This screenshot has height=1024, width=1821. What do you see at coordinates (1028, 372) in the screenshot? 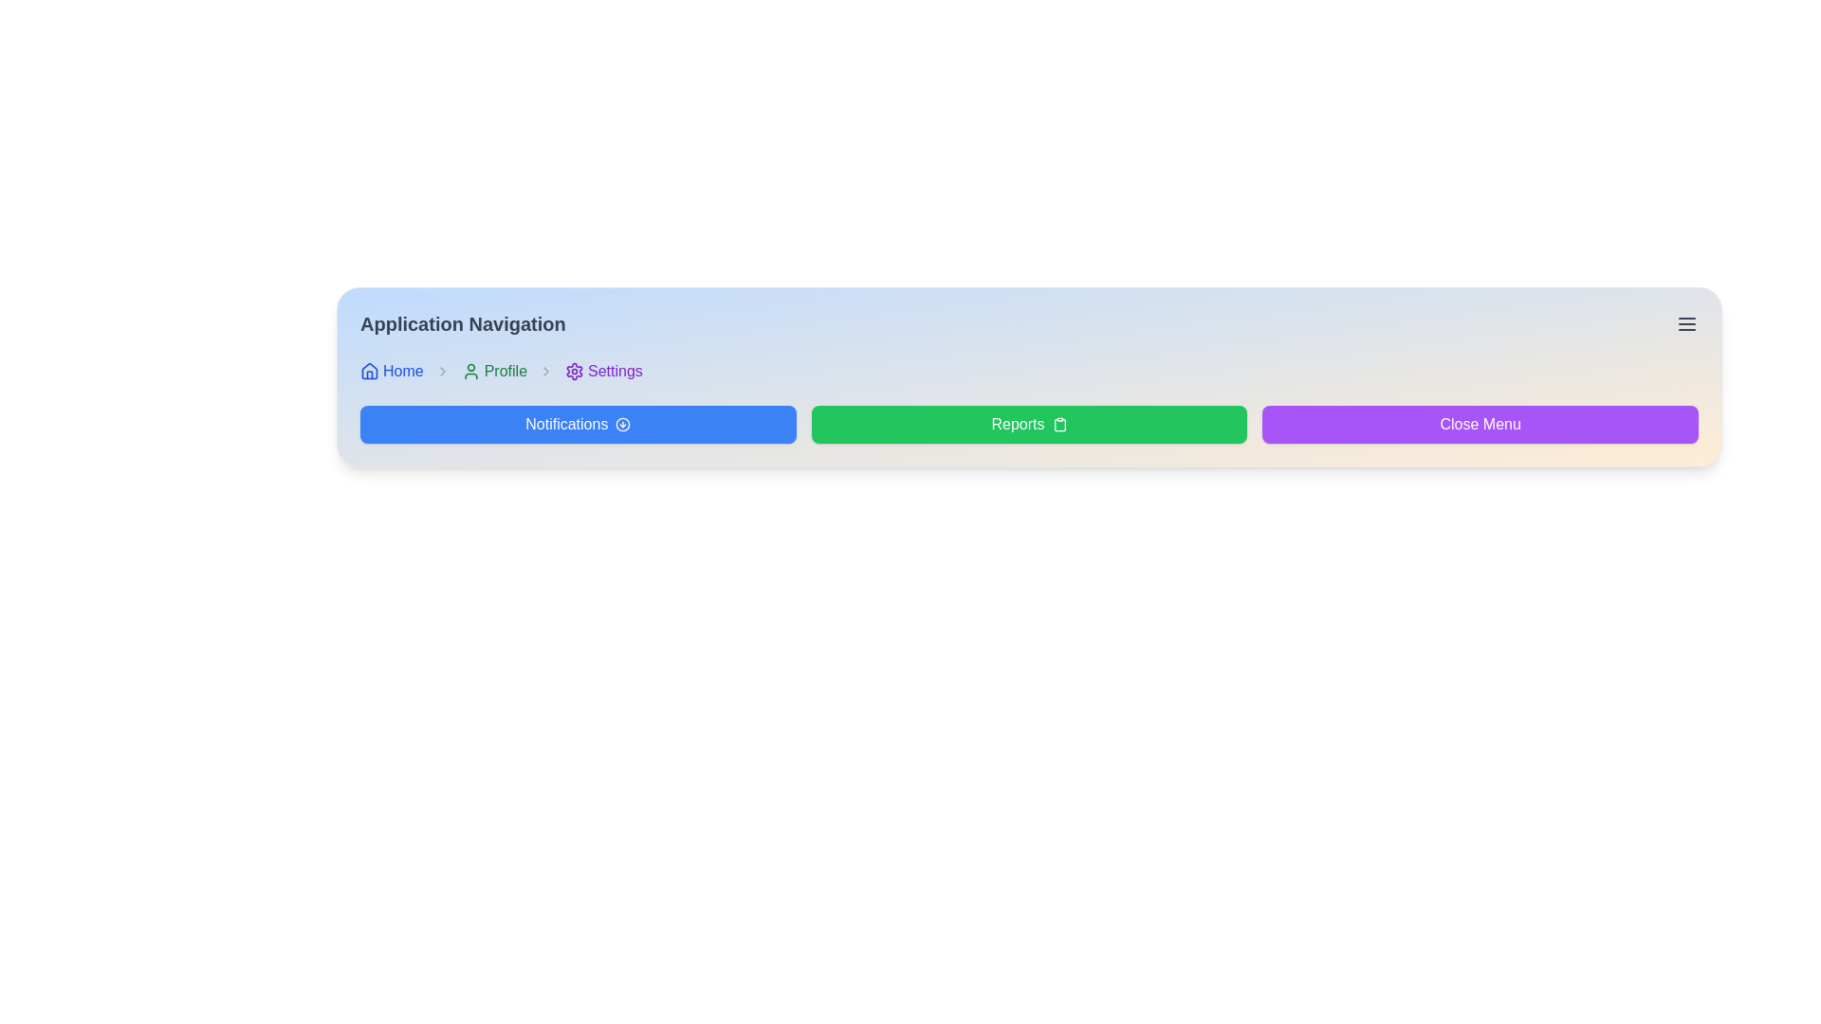
I see `the Navigation bar` at bounding box center [1028, 372].